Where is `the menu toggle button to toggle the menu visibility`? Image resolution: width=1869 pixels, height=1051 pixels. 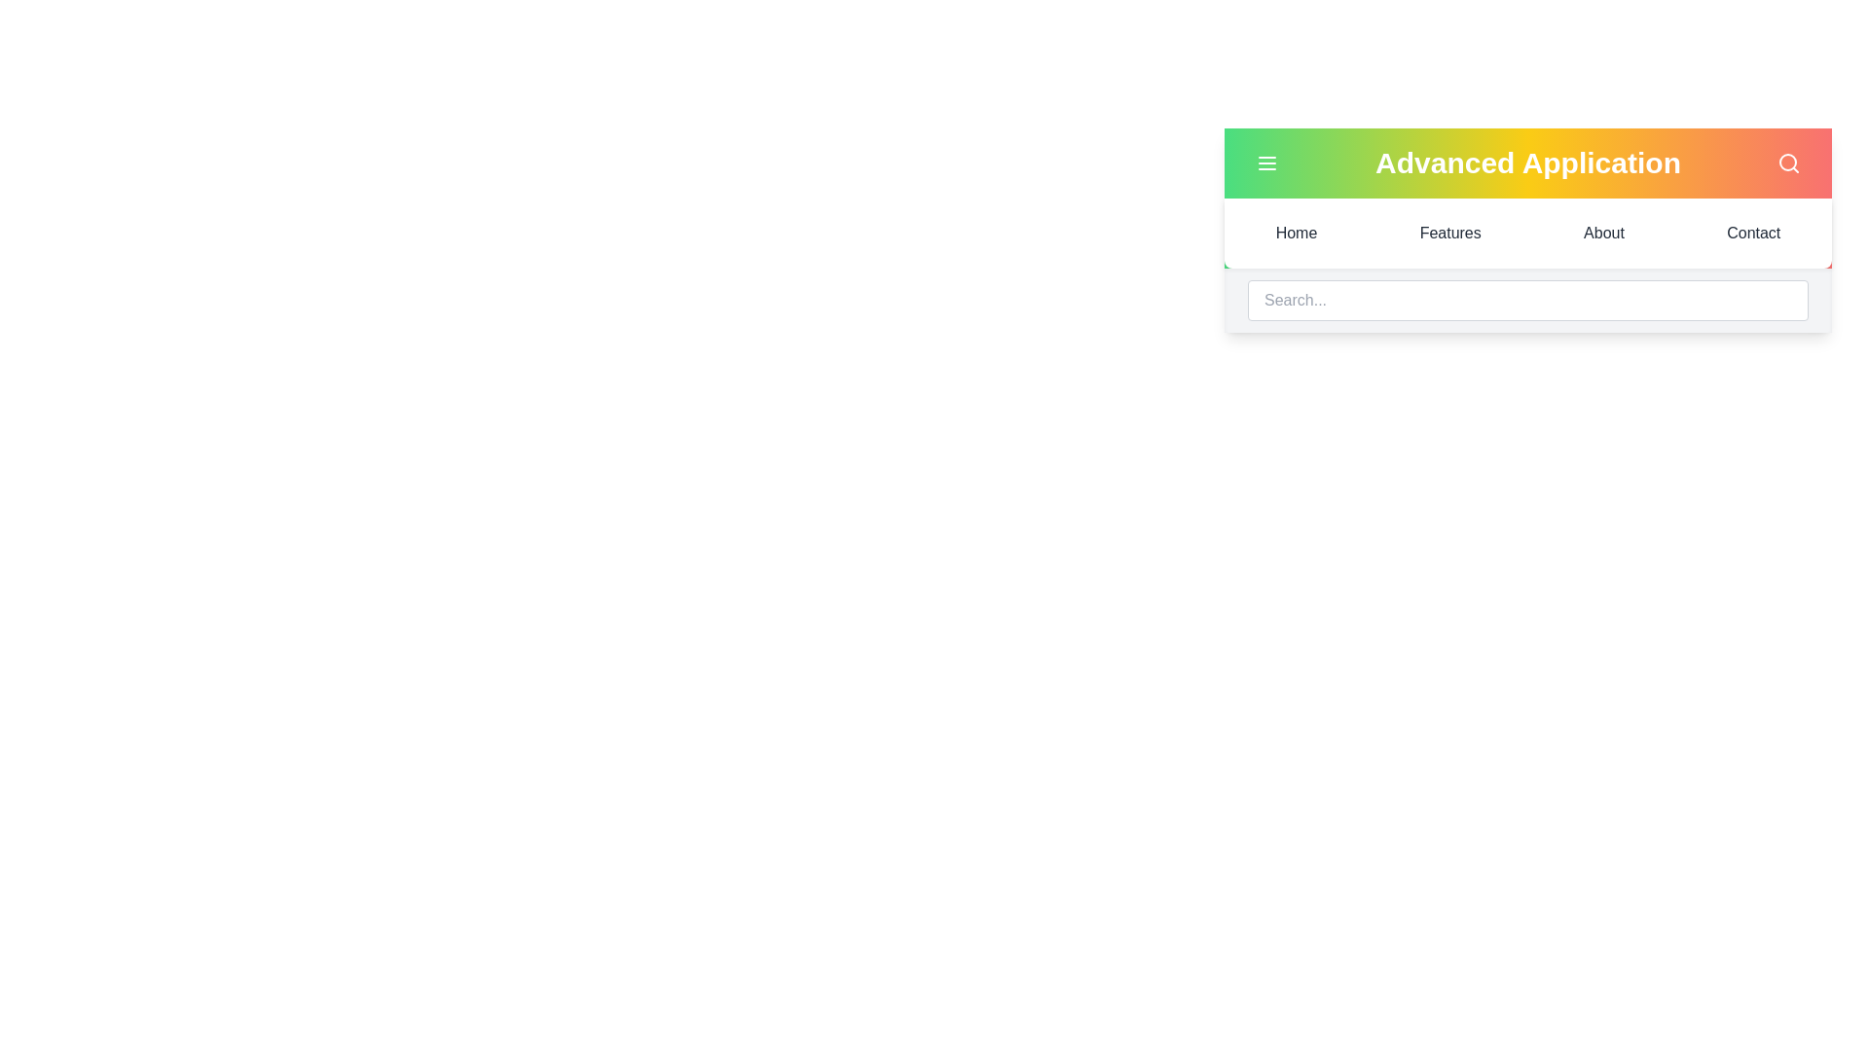 the menu toggle button to toggle the menu visibility is located at coordinates (1266, 163).